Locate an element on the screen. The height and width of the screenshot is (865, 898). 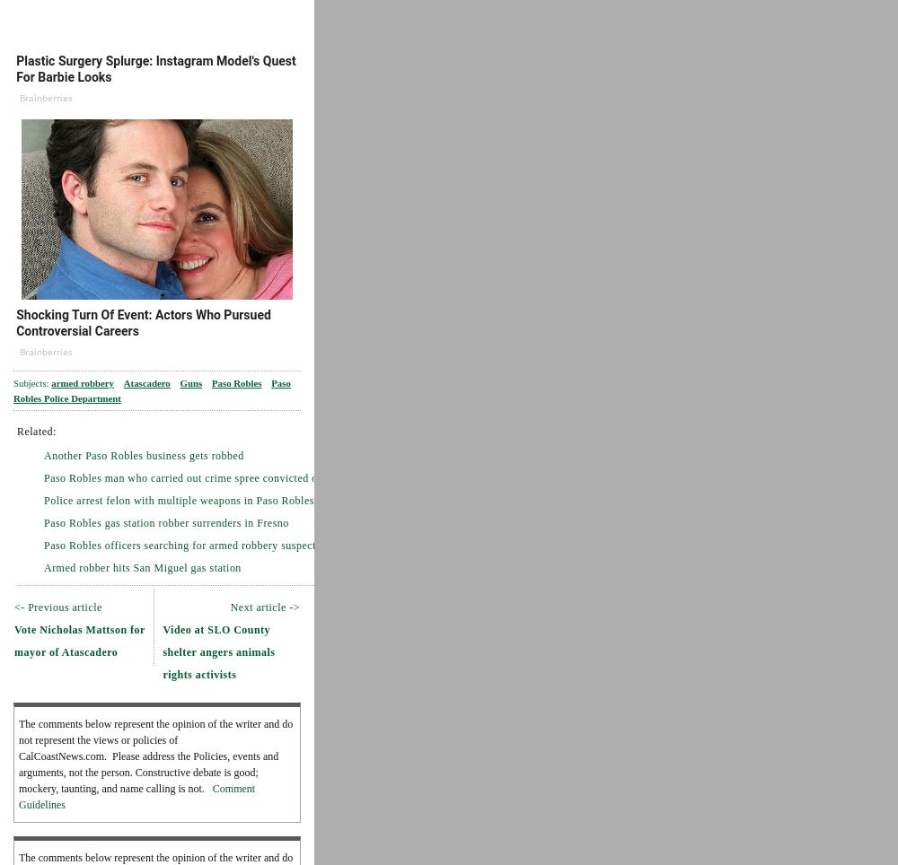
'Paso Robles' is located at coordinates (236, 381).